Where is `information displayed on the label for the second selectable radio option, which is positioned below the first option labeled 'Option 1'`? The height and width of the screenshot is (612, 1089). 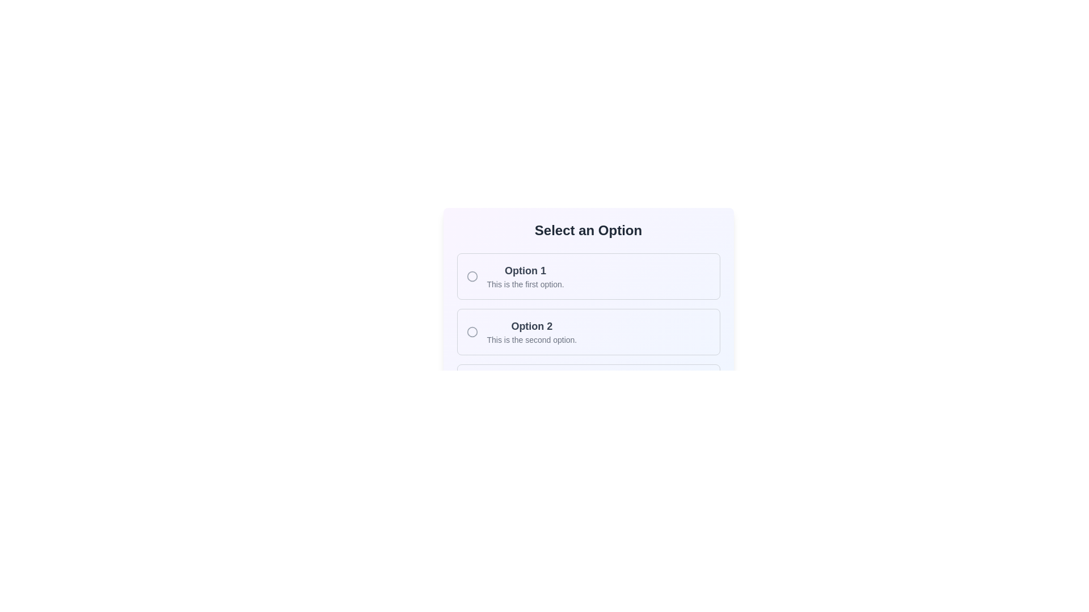 information displayed on the label for the second selectable radio option, which is positioned below the first option labeled 'Option 1' is located at coordinates (531, 331).